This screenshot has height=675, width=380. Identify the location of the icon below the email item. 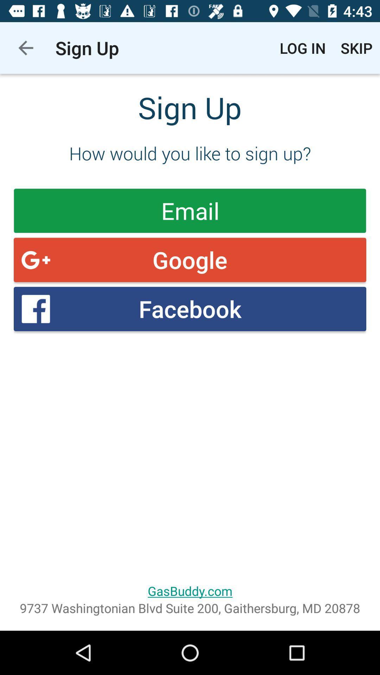
(190, 259).